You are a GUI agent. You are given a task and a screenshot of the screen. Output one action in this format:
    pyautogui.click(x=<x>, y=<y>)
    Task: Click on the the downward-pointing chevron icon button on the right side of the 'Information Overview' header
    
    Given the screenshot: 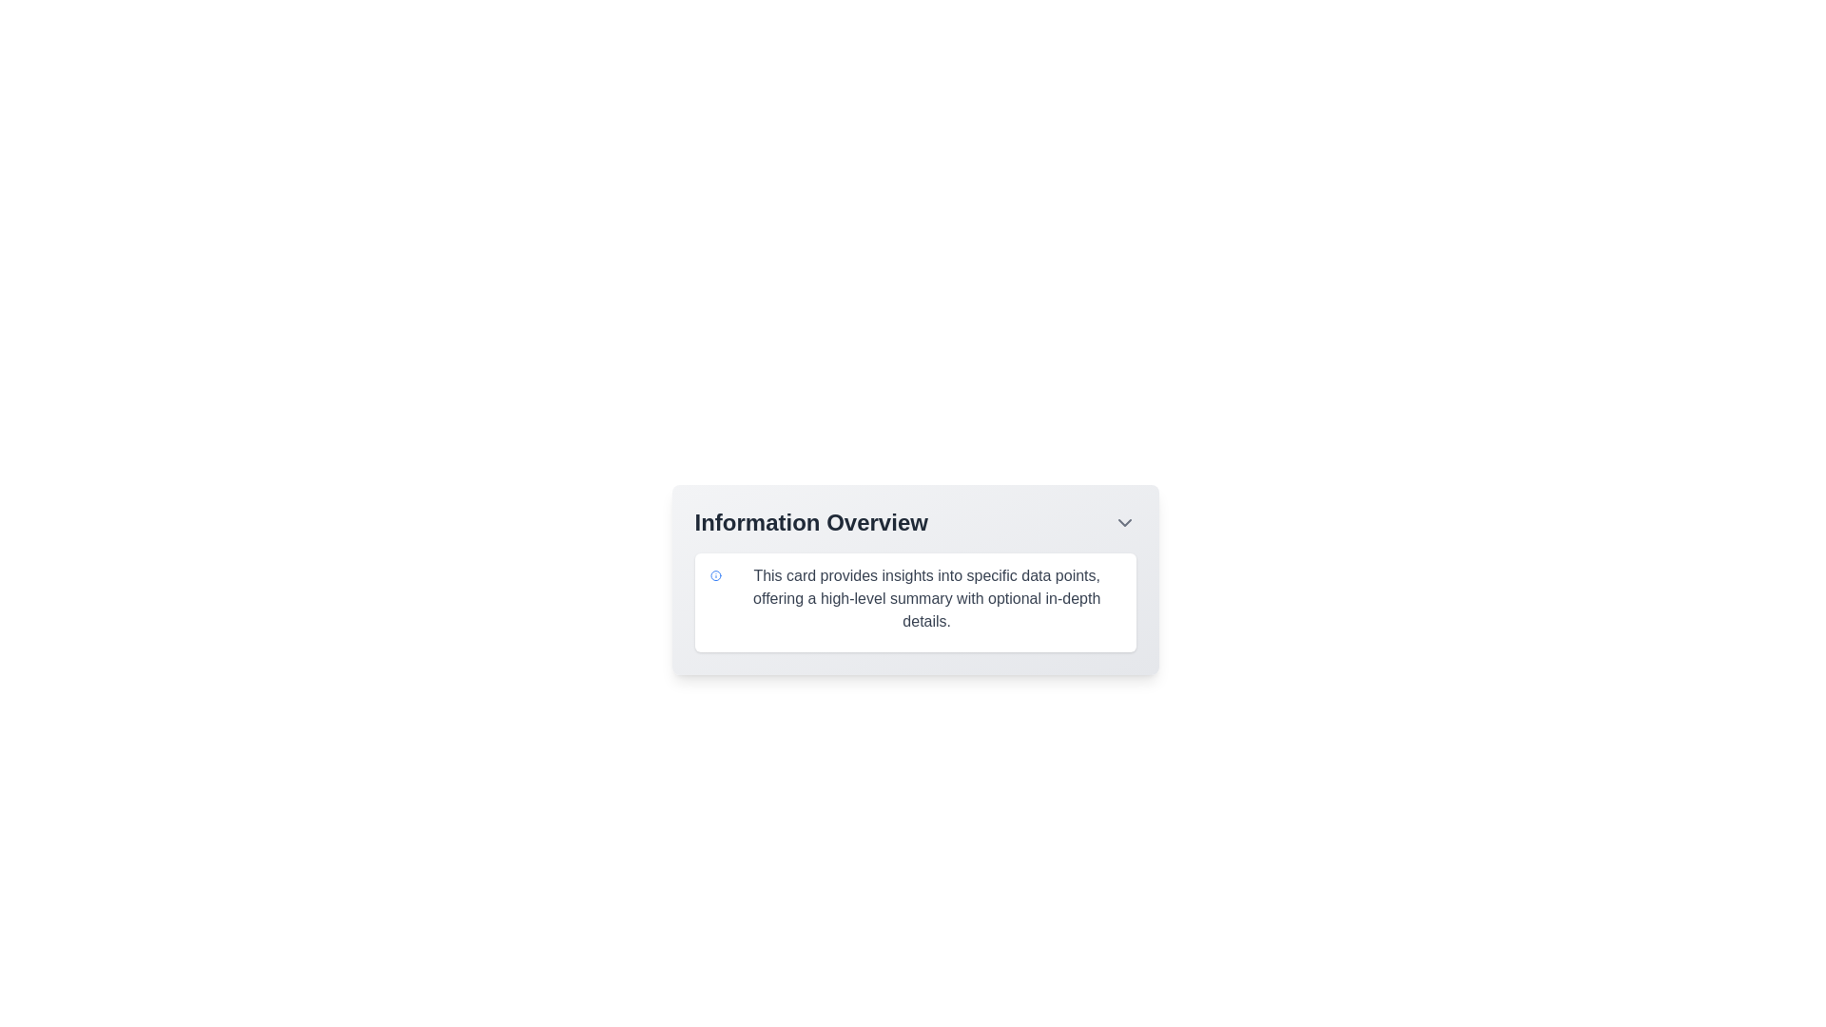 What is the action you would take?
    pyautogui.click(x=1124, y=523)
    